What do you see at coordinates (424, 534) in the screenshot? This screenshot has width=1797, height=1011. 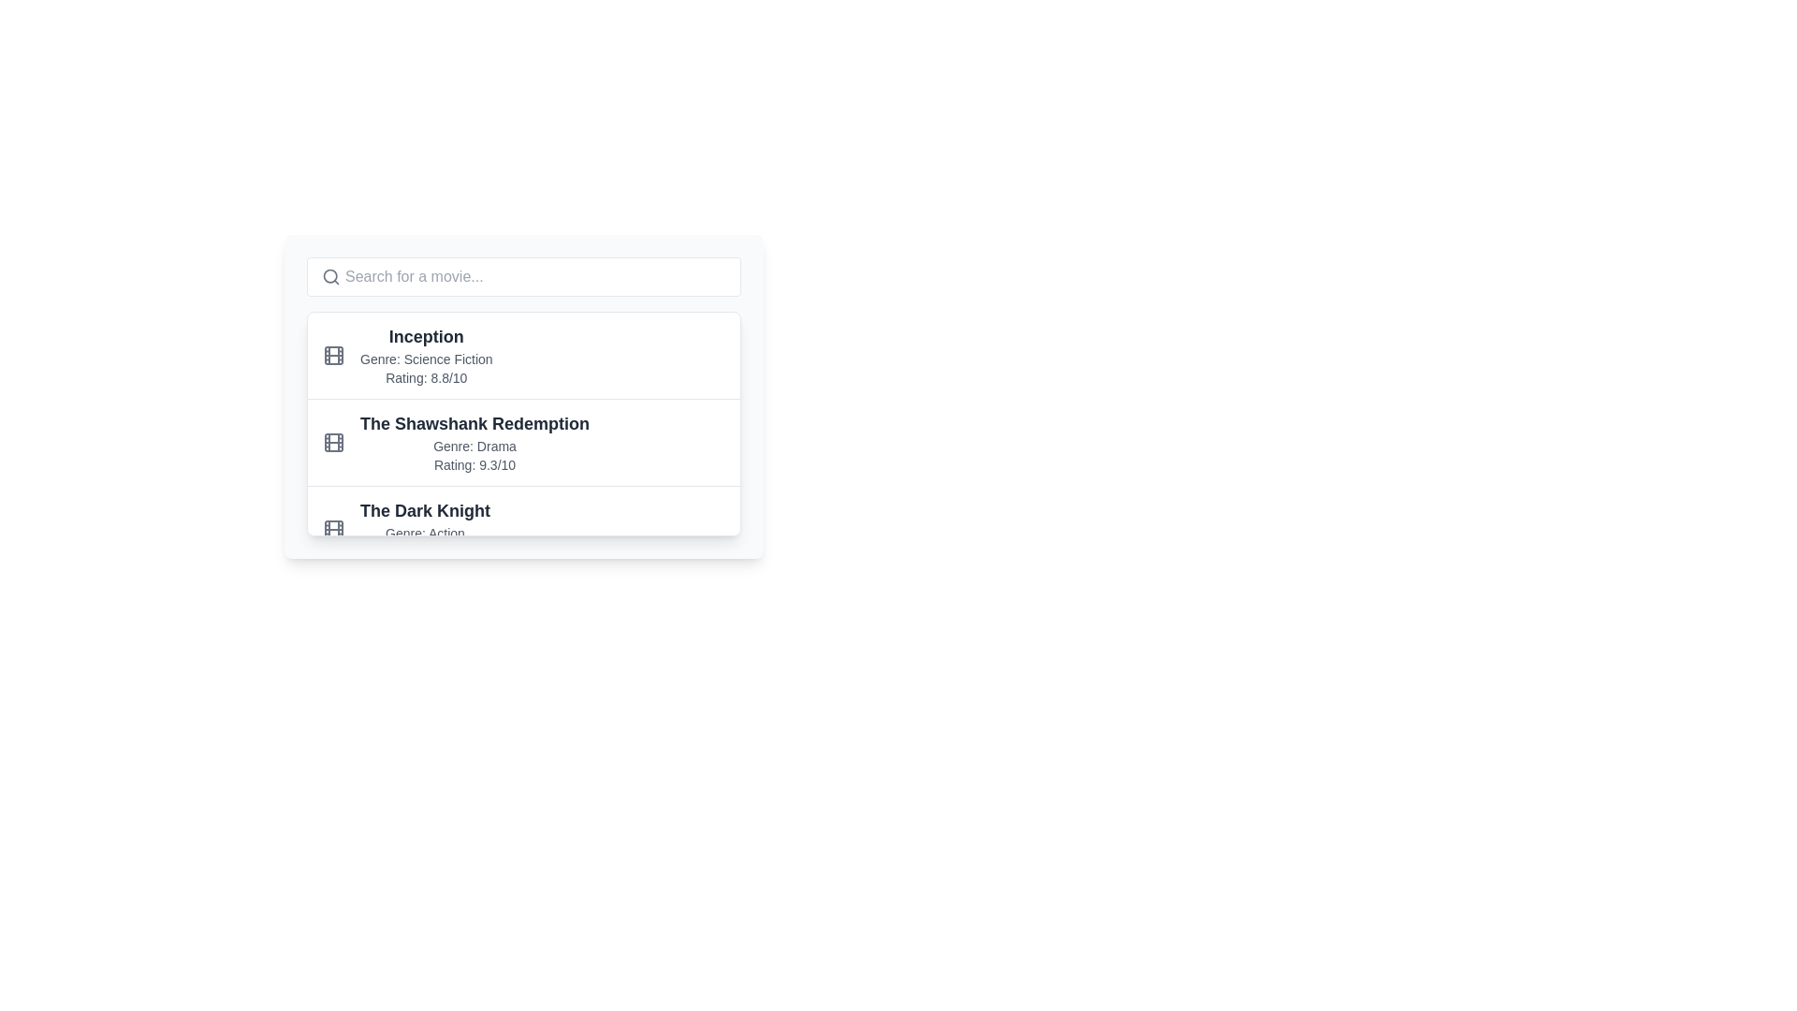 I see `the text label displaying the movie genre 'The Dark Knight', which is positioned below the movie title and above the rating text` at bounding box center [424, 534].